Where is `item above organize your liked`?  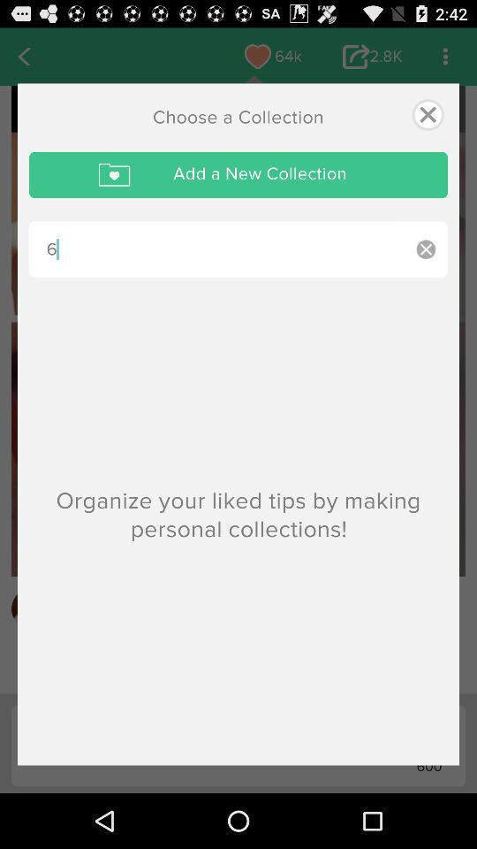 item above organize your liked is located at coordinates (216, 249).